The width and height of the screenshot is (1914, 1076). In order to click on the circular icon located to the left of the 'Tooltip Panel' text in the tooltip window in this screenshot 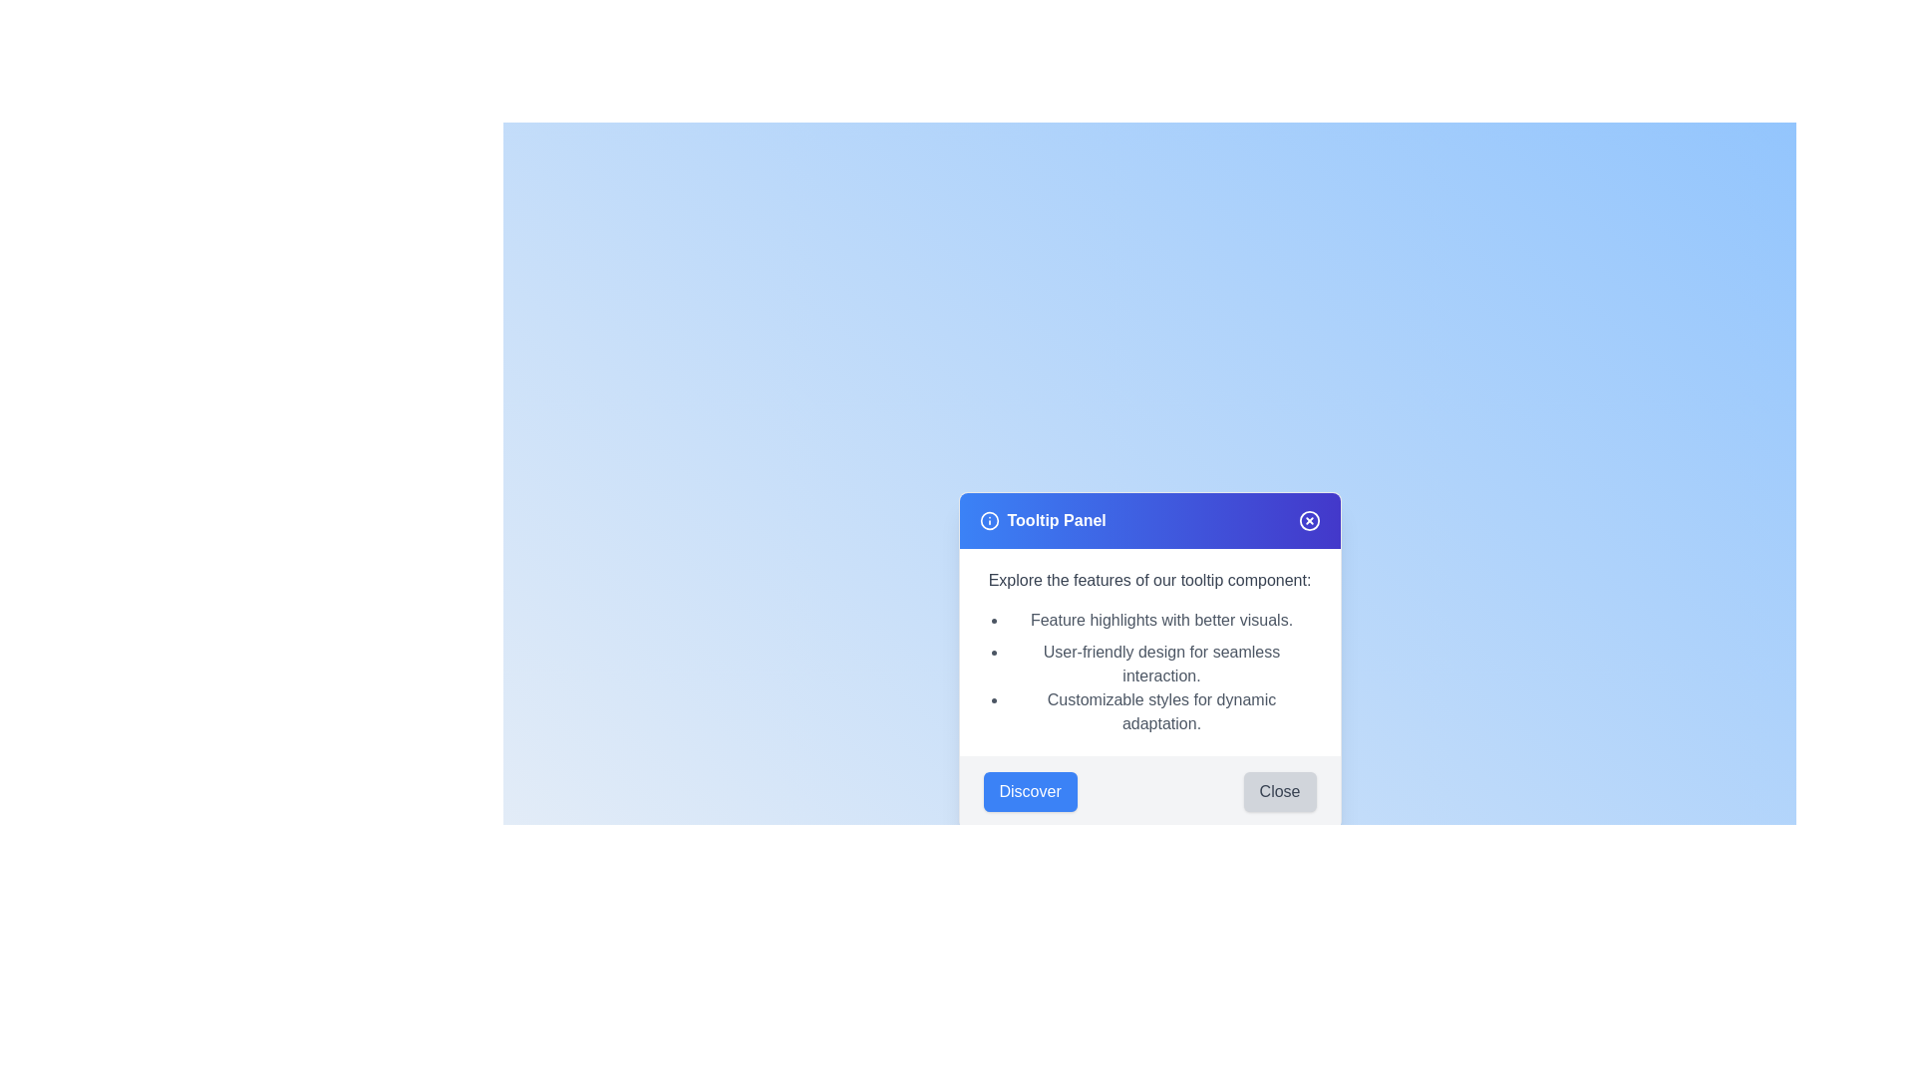, I will do `click(989, 520)`.